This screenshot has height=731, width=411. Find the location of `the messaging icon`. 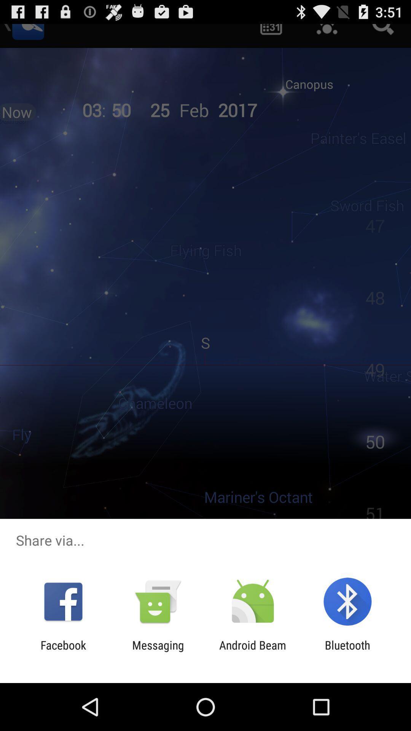

the messaging icon is located at coordinates (158, 651).